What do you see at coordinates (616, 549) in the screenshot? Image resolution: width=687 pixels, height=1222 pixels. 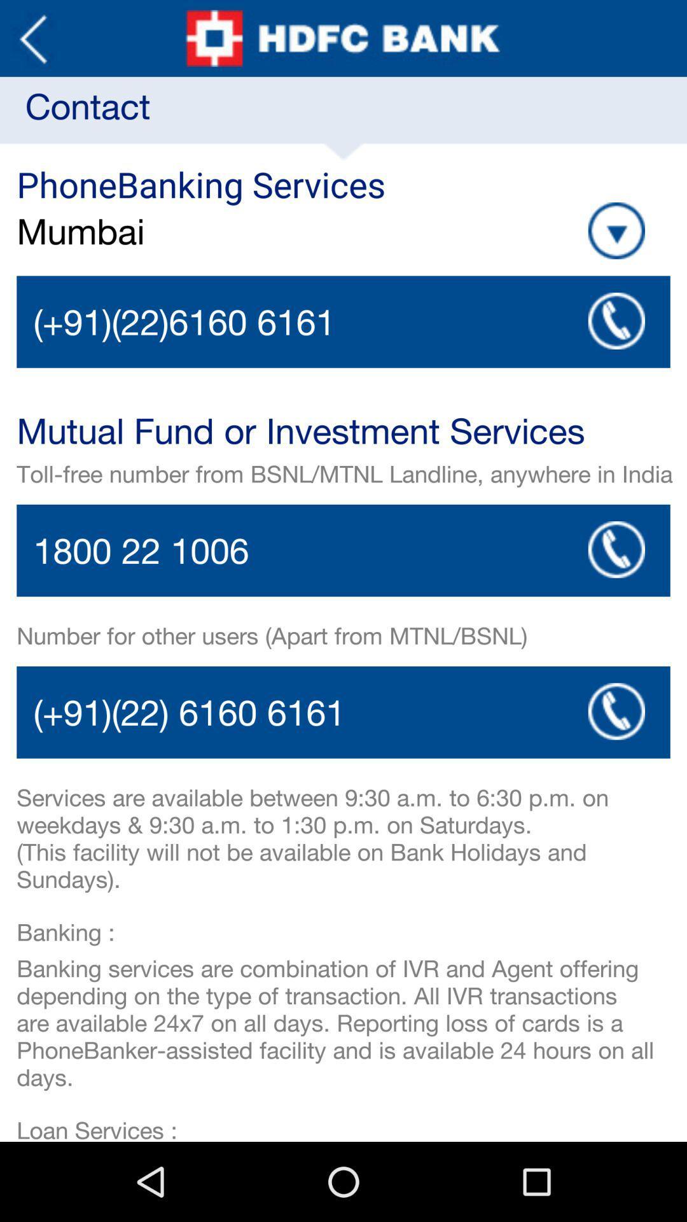 I see `icon above number for other item` at bounding box center [616, 549].